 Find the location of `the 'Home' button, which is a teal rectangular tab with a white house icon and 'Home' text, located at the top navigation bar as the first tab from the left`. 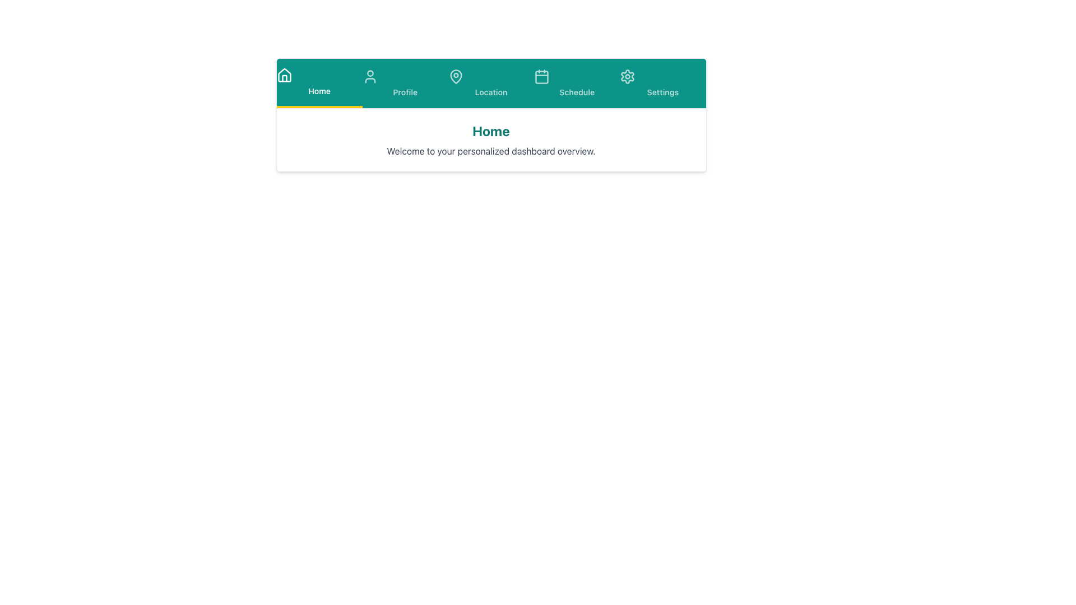

the 'Home' button, which is a teal rectangular tab with a white house icon and 'Home' text, located at the top navigation bar as the first tab from the left is located at coordinates (319, 83).